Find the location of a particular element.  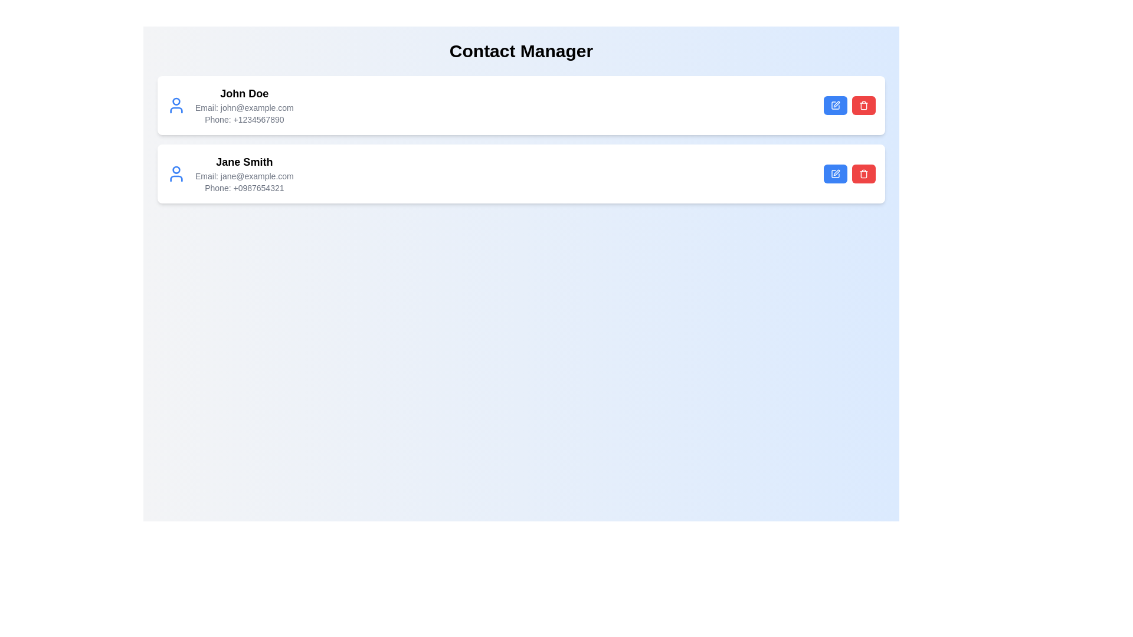

the static text display showing the email address associated with the contact 'John Doe', which is located beneath the name 'John Doe' and above the phone number '+1234567890' is located at coordinates (244, 107).